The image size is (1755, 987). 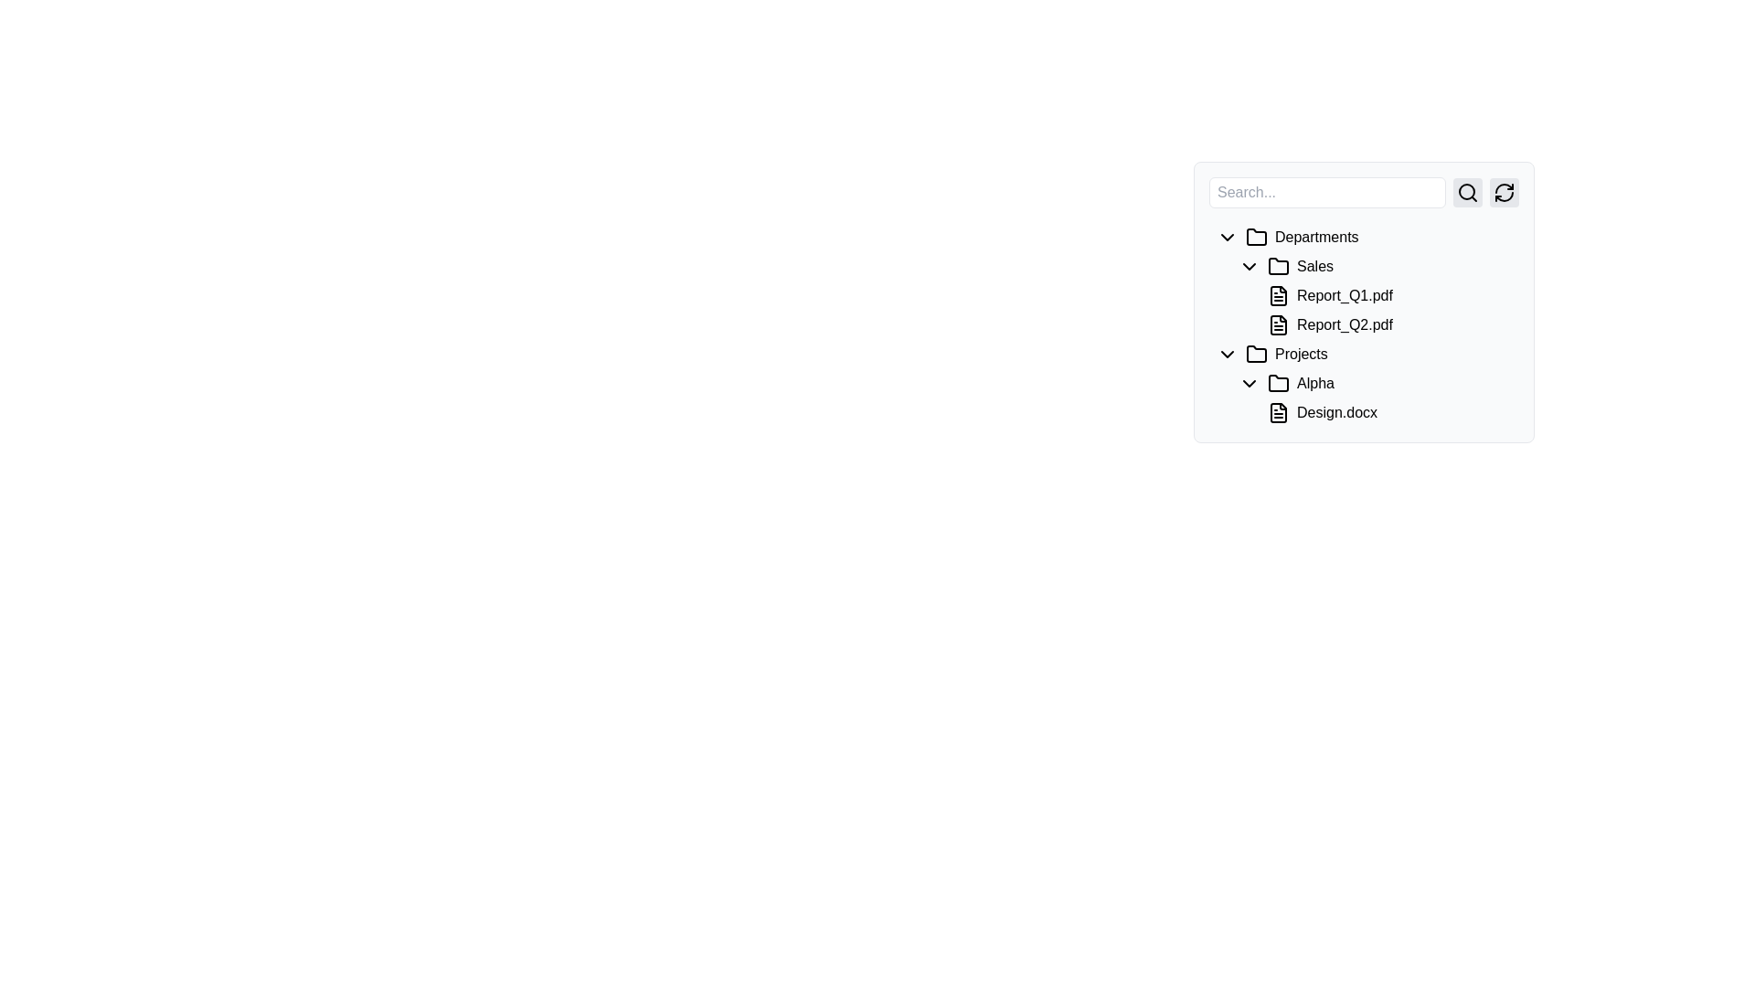 What do you see at coordinates (1281, 412) in the screenshot?
I see `the document icon representing 'Design.docx', located in the top-right section of the file explorer` at bounding box center [1281, 412].